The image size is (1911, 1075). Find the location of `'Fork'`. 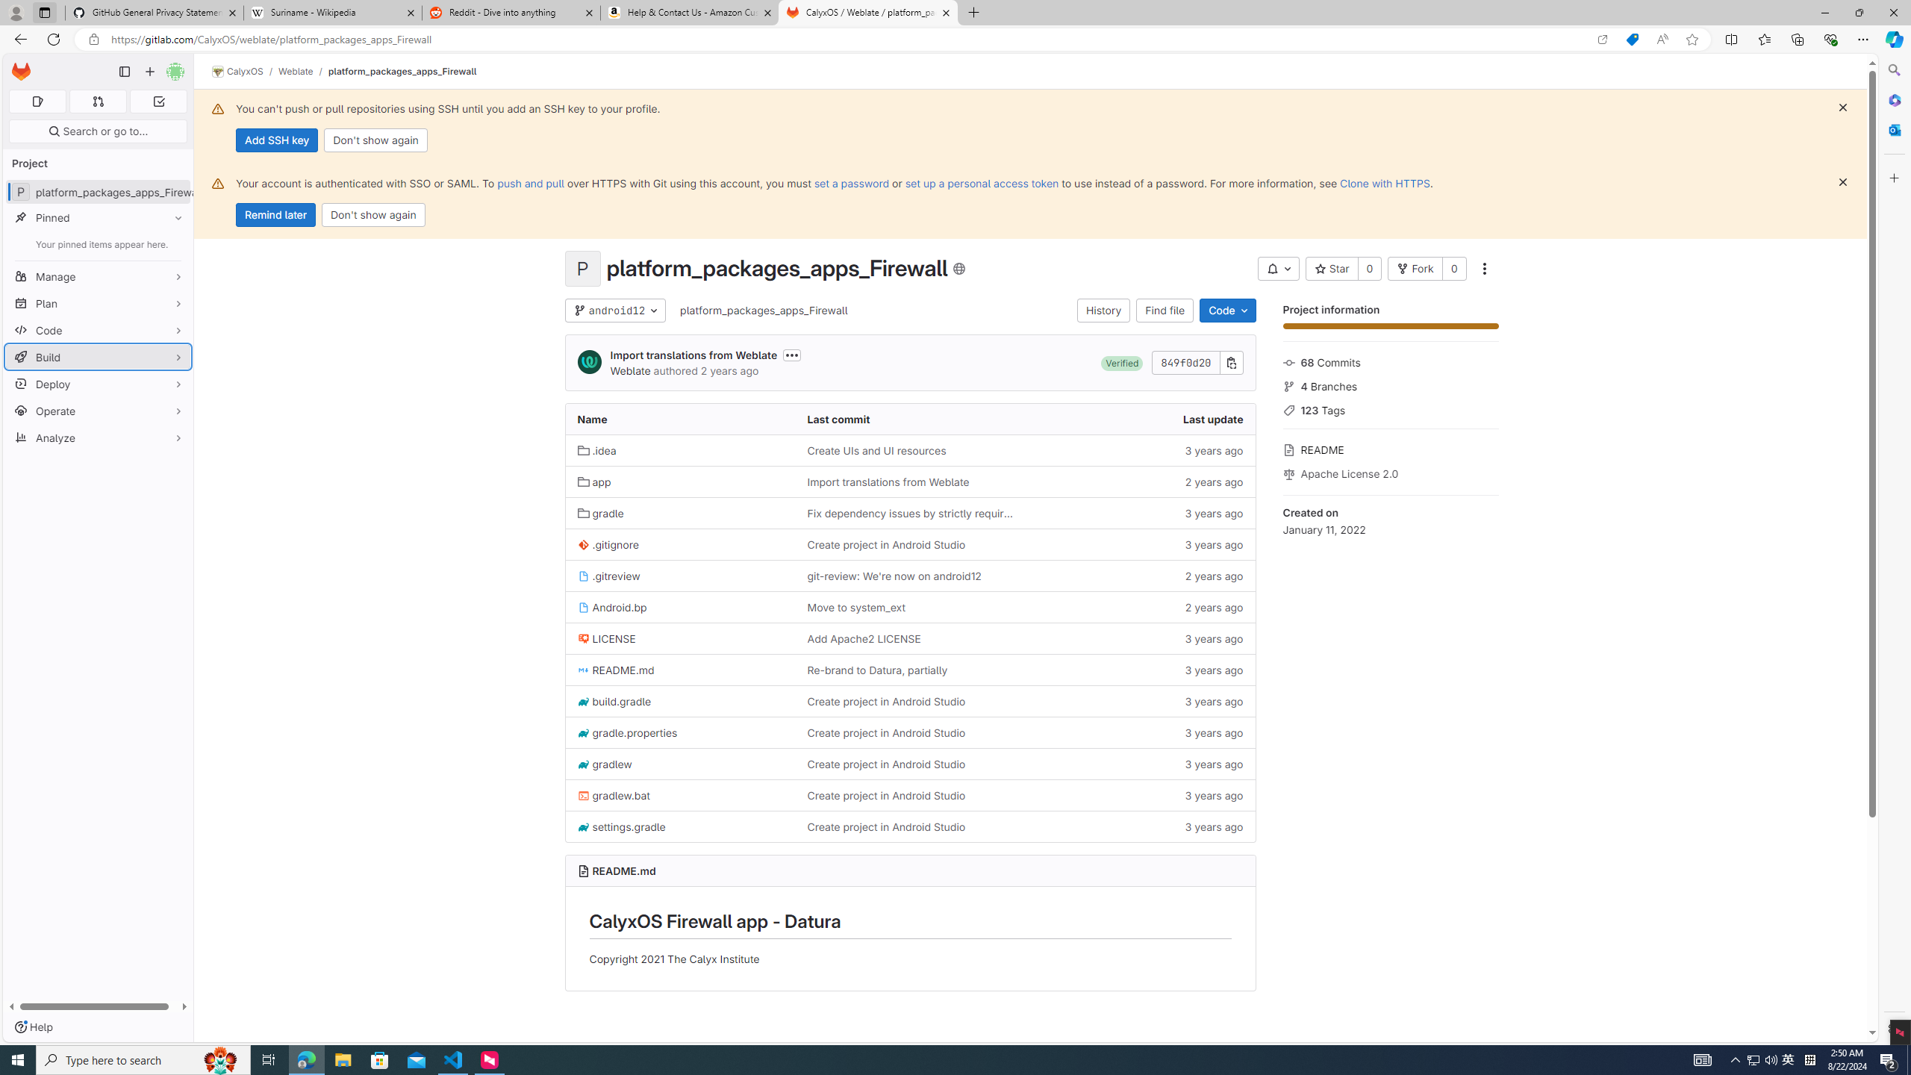

'Fork' is located at coordinates (1415, 269).